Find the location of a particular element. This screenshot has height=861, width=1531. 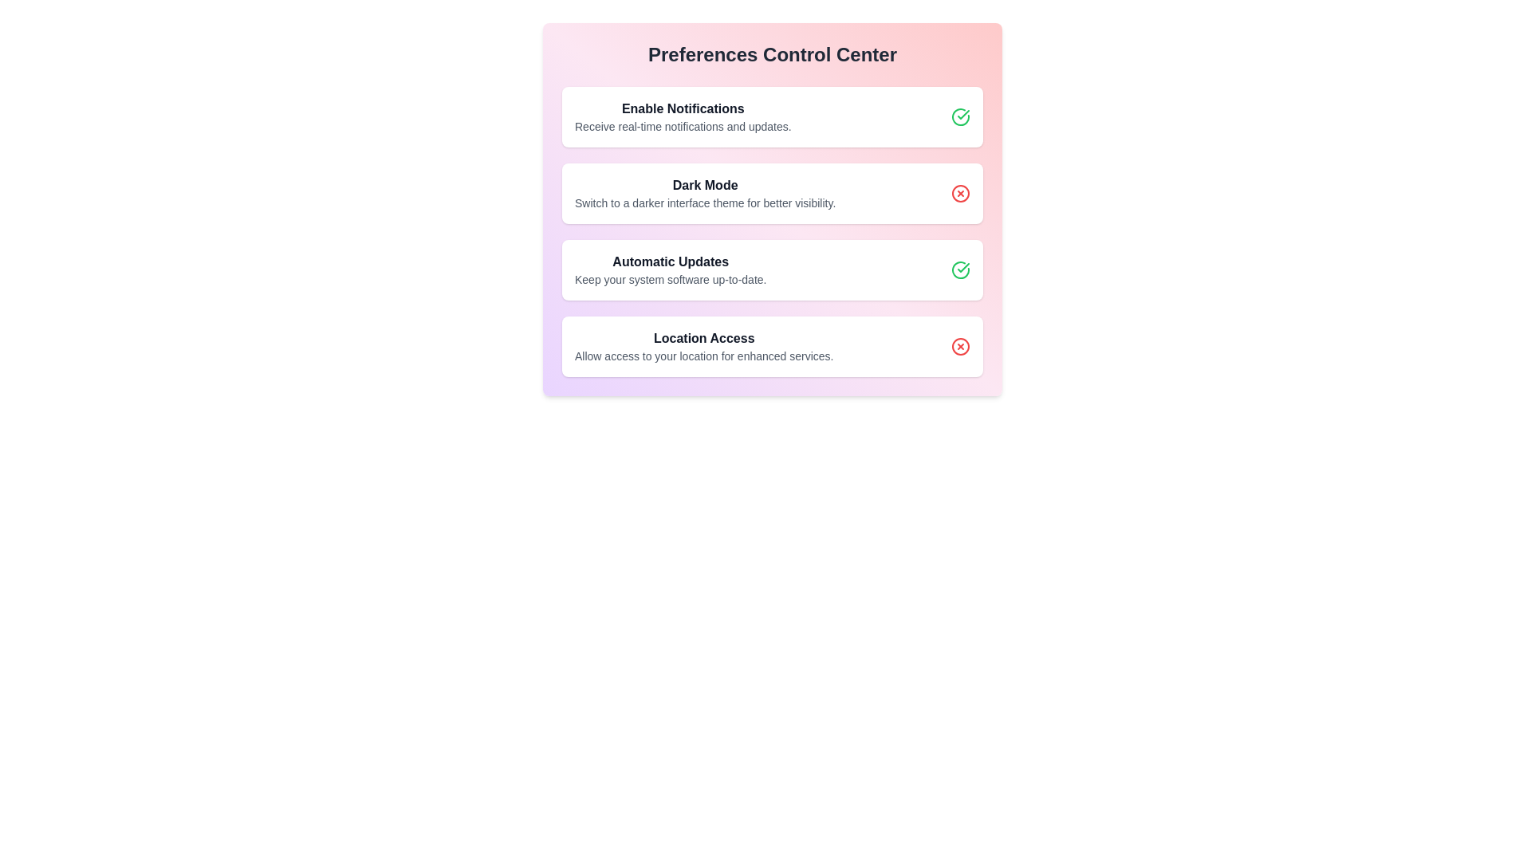

text on the first informational card in the 'Preferences Control Center' that indicates the setting for enabling notifications is located at coordinates (773, 116).